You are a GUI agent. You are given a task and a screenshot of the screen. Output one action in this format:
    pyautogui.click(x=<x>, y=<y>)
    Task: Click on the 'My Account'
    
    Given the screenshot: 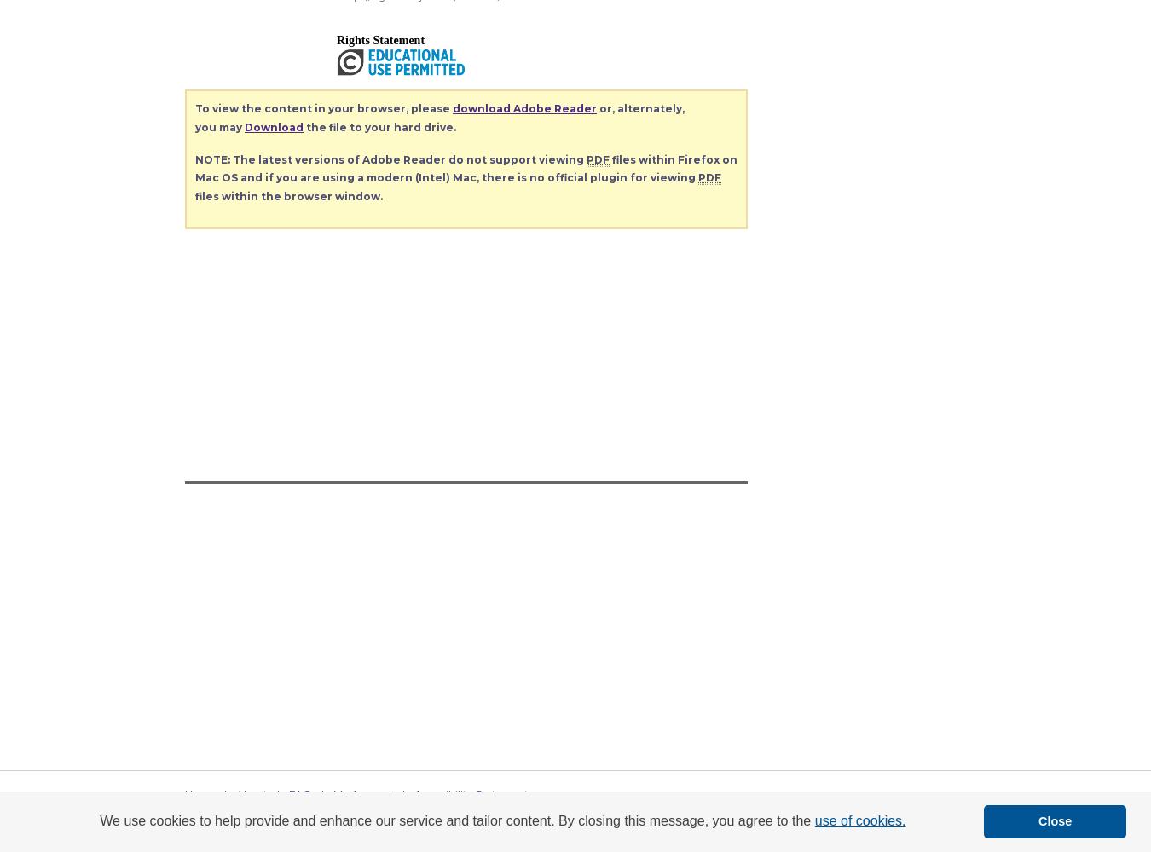 What is the action you would take?
    pyautogui.click(x=363, y=793)
    